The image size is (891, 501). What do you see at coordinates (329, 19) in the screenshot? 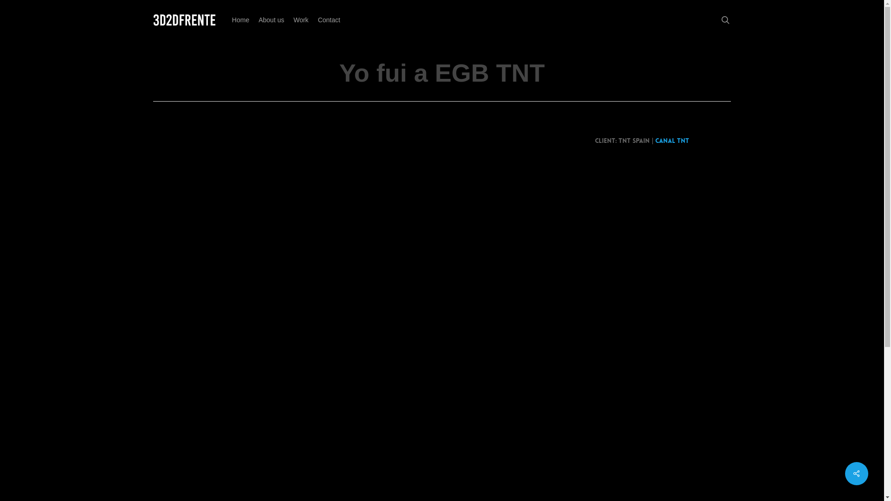
I see `'Contact'` at bounding box center [329, 19].